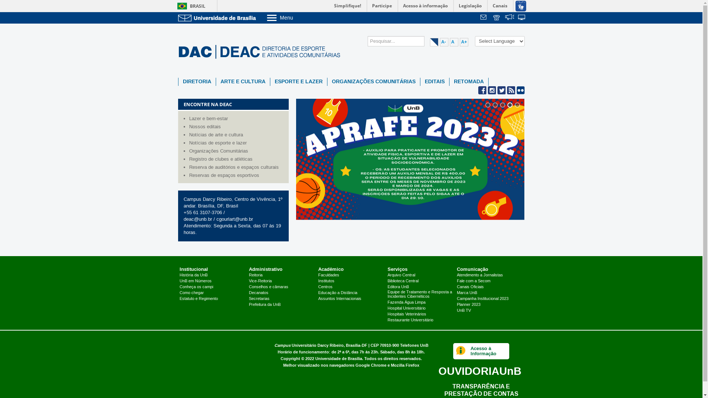  Describe the element at coordinates (439, 42) in the screenshot. I see `'A-'` at that location.